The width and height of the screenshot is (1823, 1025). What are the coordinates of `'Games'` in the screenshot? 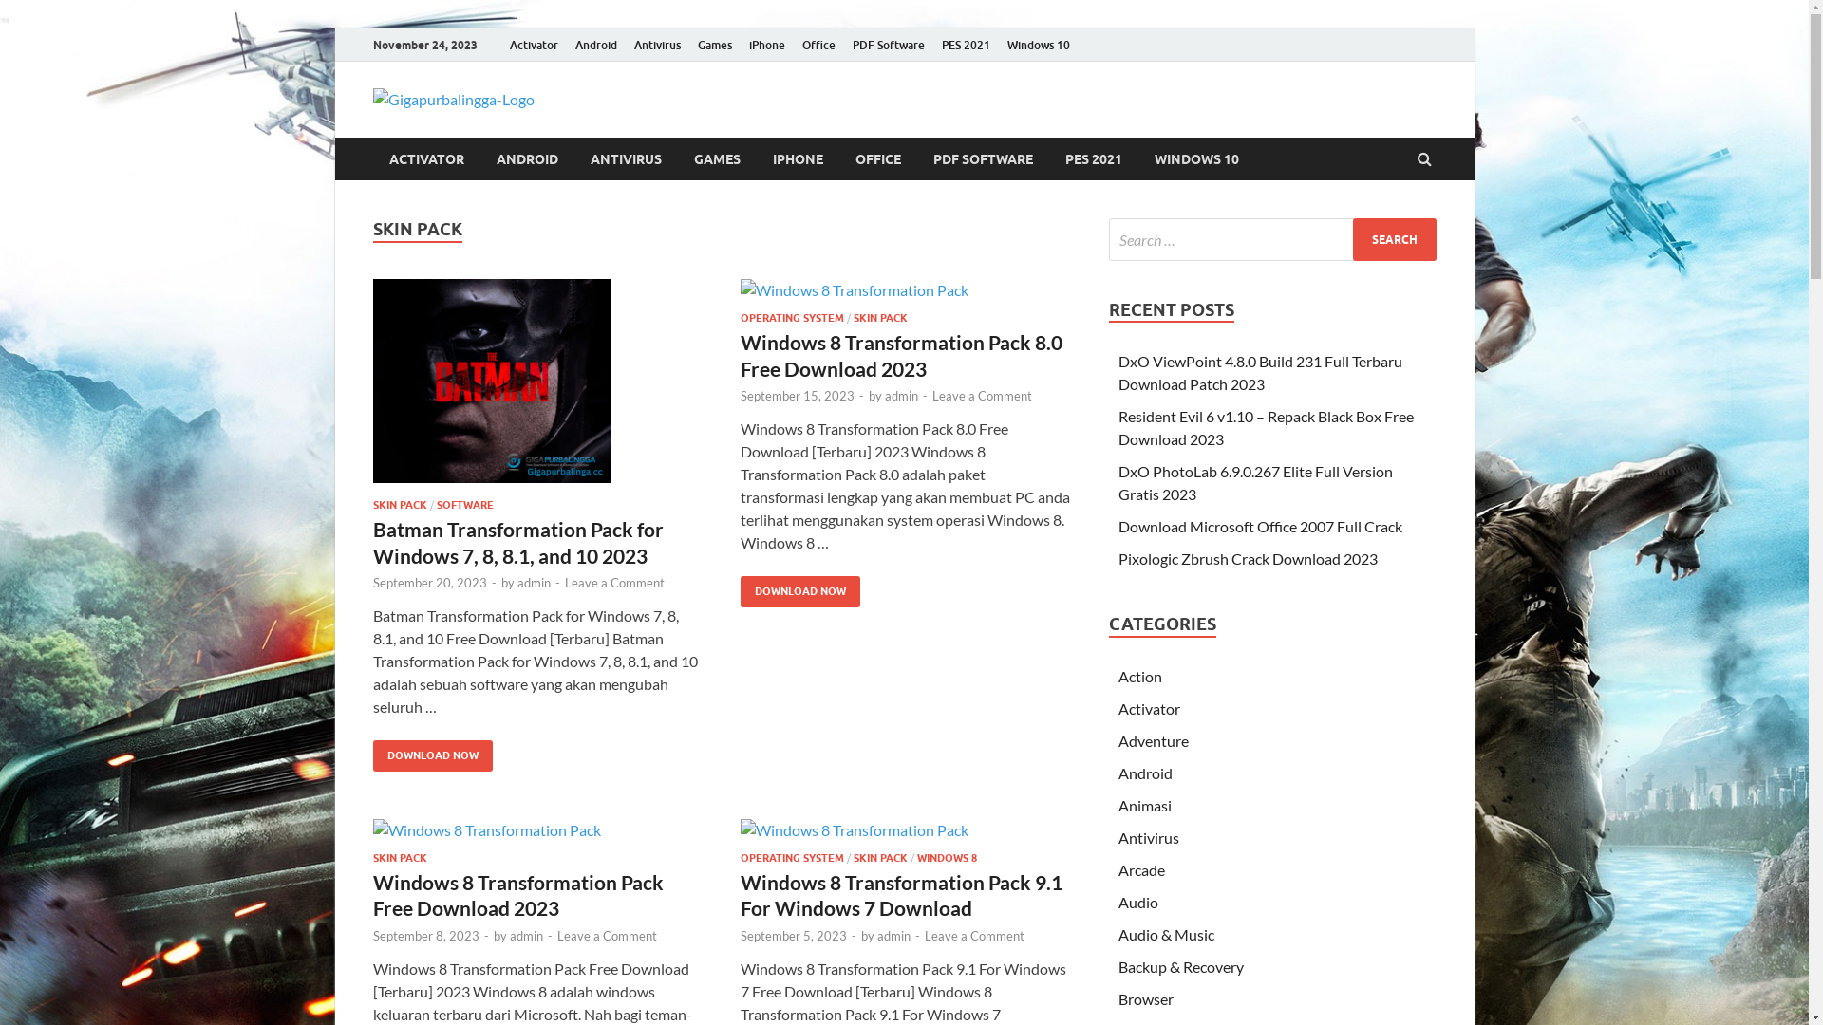 It's located at (714, 44).